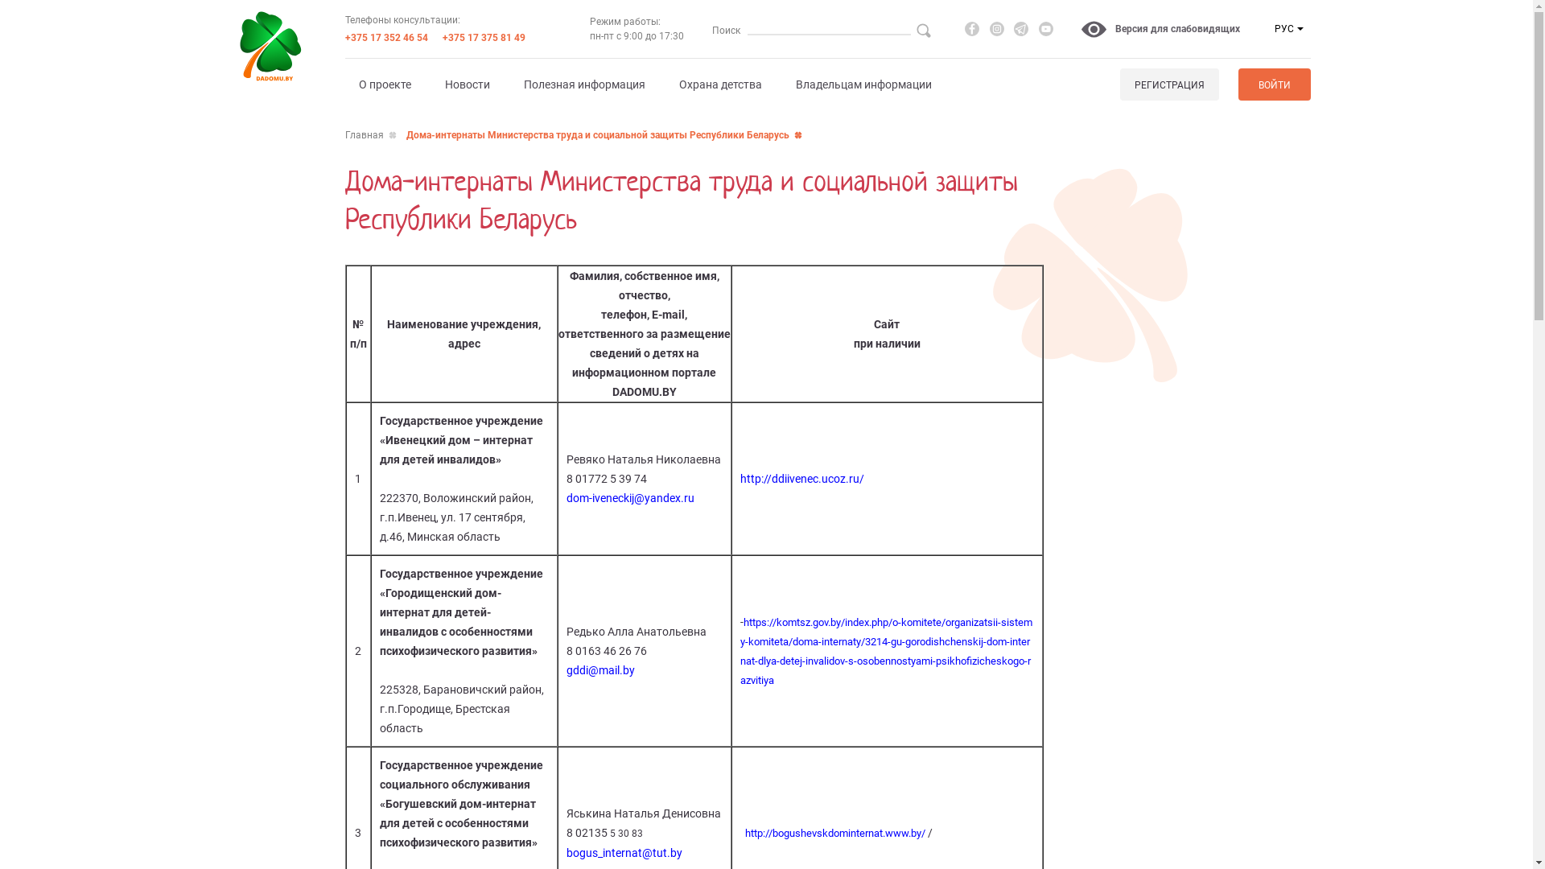 This screenshot has height=869, width=1545. Describe the element at coordinates (385, 36) in the screenshot. I see `'+375 17 352 46 54'` at that location.